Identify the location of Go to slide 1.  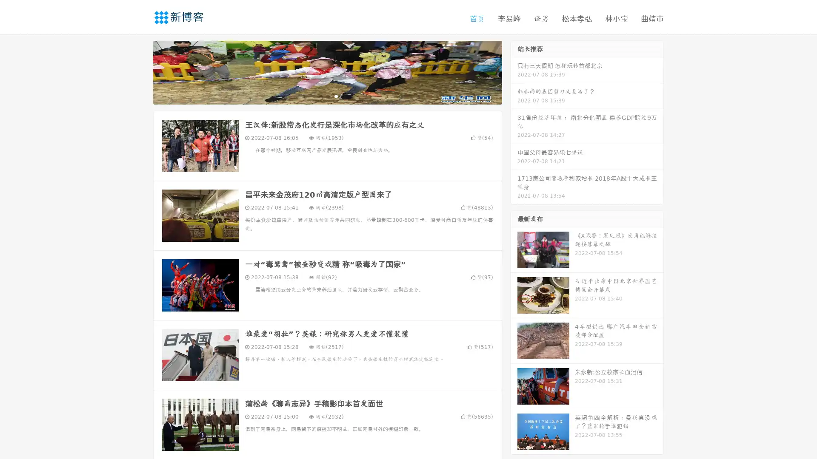
(318, 96).